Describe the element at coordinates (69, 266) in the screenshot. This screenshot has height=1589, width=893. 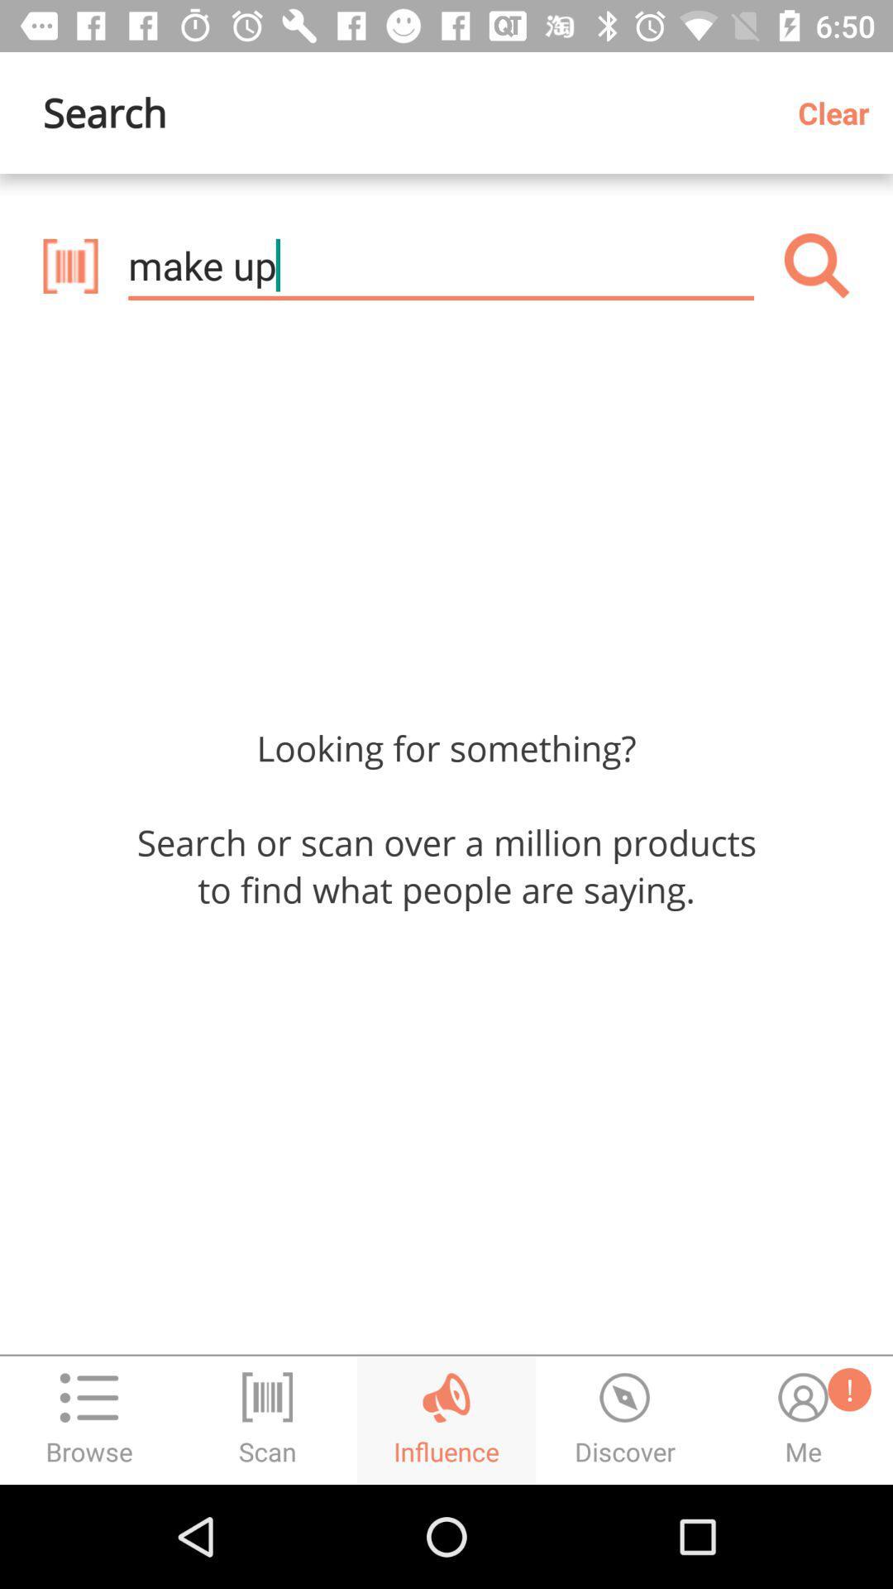
I see `scan product barcode` at that location.